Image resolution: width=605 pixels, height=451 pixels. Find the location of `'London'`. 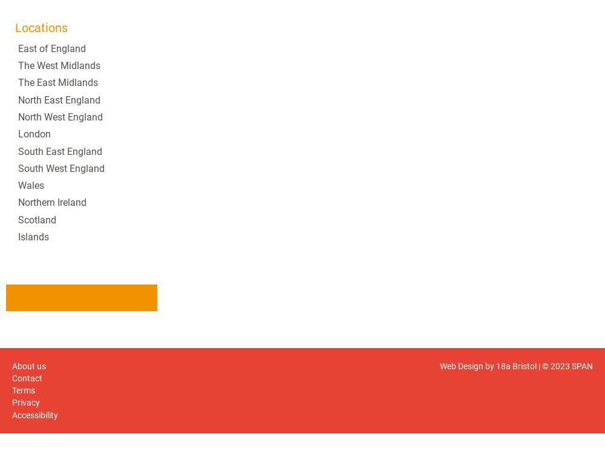

'London' is located at coordinates (18, 134).